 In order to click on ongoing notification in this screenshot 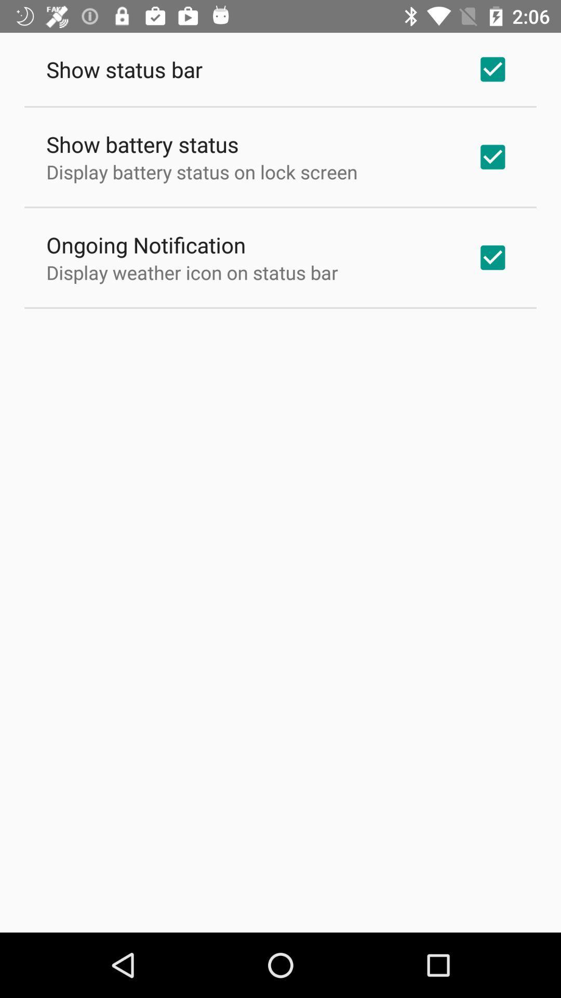, I will do `click(146, 244)`.